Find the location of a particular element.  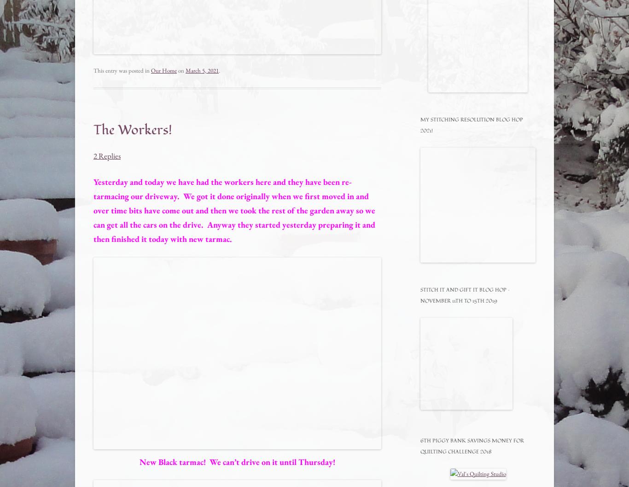

'2 Replies' is located at coordinates (107, 155).